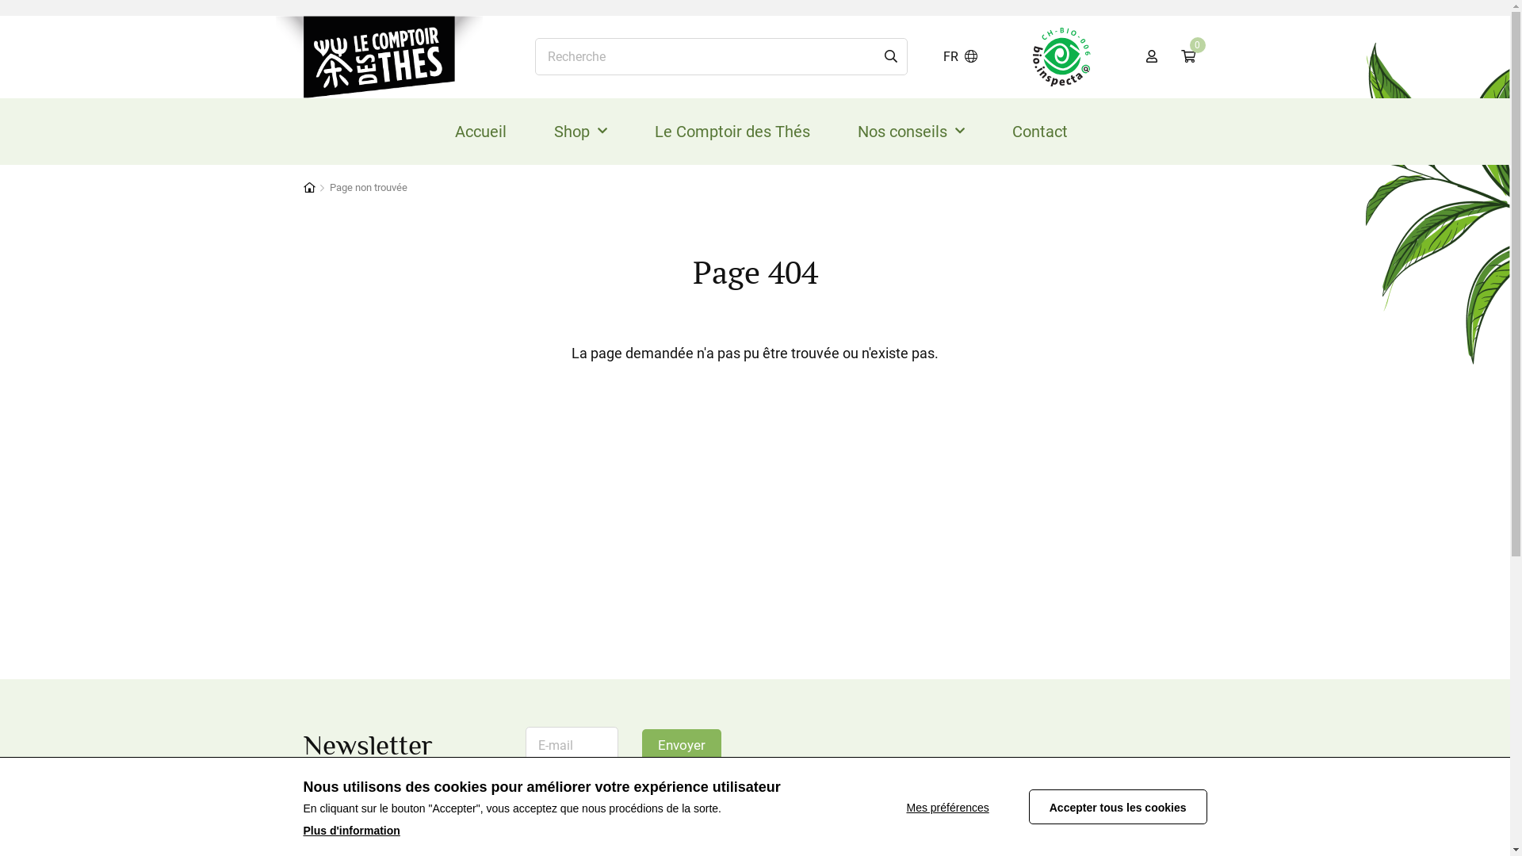 This screenshot has height=856, width=1522. Describe the element at coordinates (959, 56) in the screenshot. I see `'FR  '` at that location.